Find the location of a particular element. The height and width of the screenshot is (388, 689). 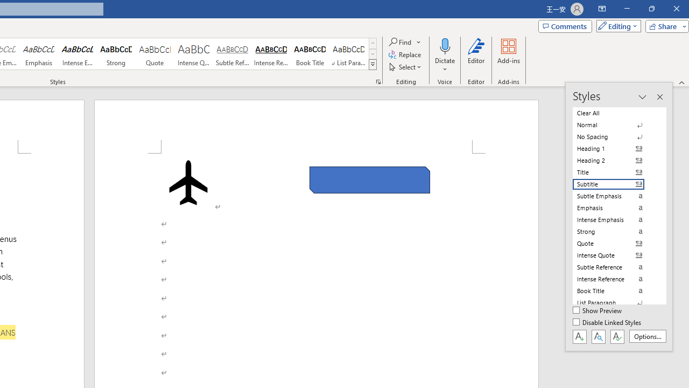

'Replace...' is located at coordinates (405, 54).